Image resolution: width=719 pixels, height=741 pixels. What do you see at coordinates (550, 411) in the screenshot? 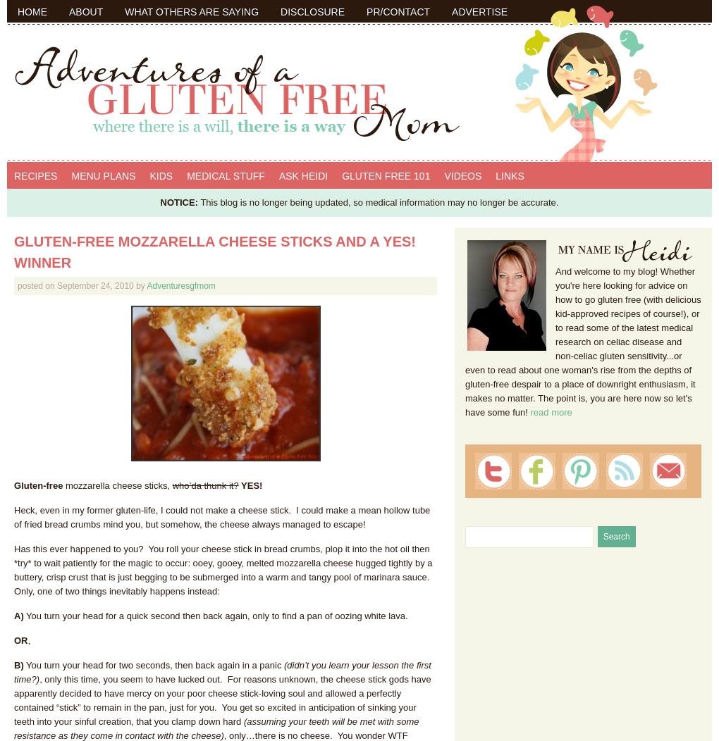
I see `'read more'` at bounding box center [550, 411].